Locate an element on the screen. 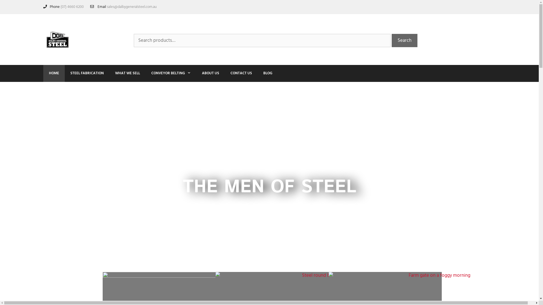  'ABOUT US' is located at coordinates (196, 73).